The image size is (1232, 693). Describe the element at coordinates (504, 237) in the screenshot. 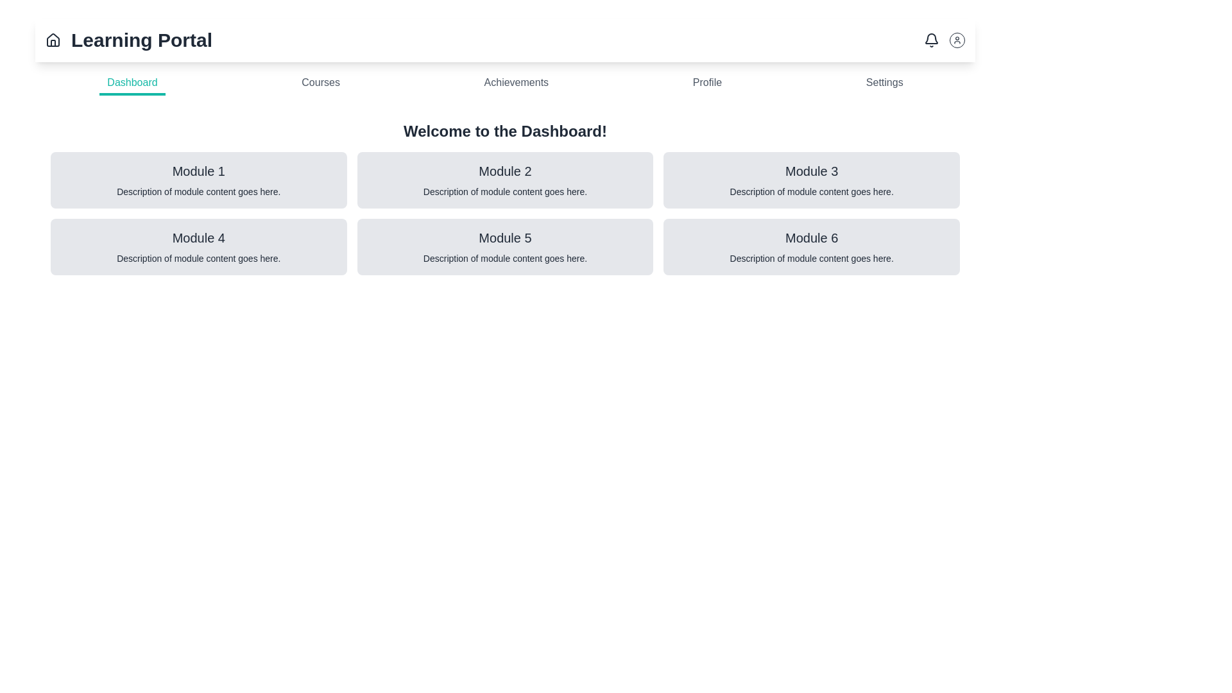

I see `the label that identifies and titles 'Module 5' in the grid layout on the 'Dashboard' page` at that location.